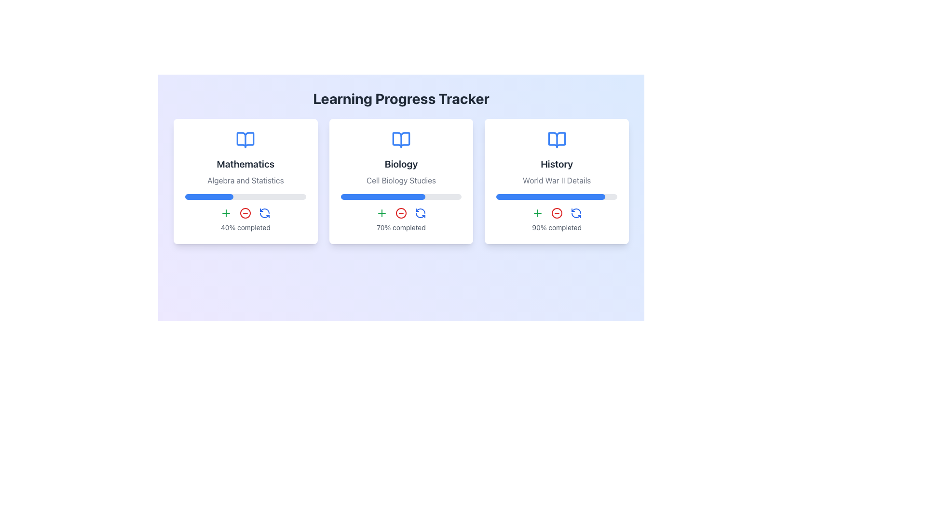  Describe the element at coordinates (401, 213) in the screenshot. I see `the graphical circular outline icon located in the center of the icon set at the bottom of the 'Biology' card in the middle column` at that location.